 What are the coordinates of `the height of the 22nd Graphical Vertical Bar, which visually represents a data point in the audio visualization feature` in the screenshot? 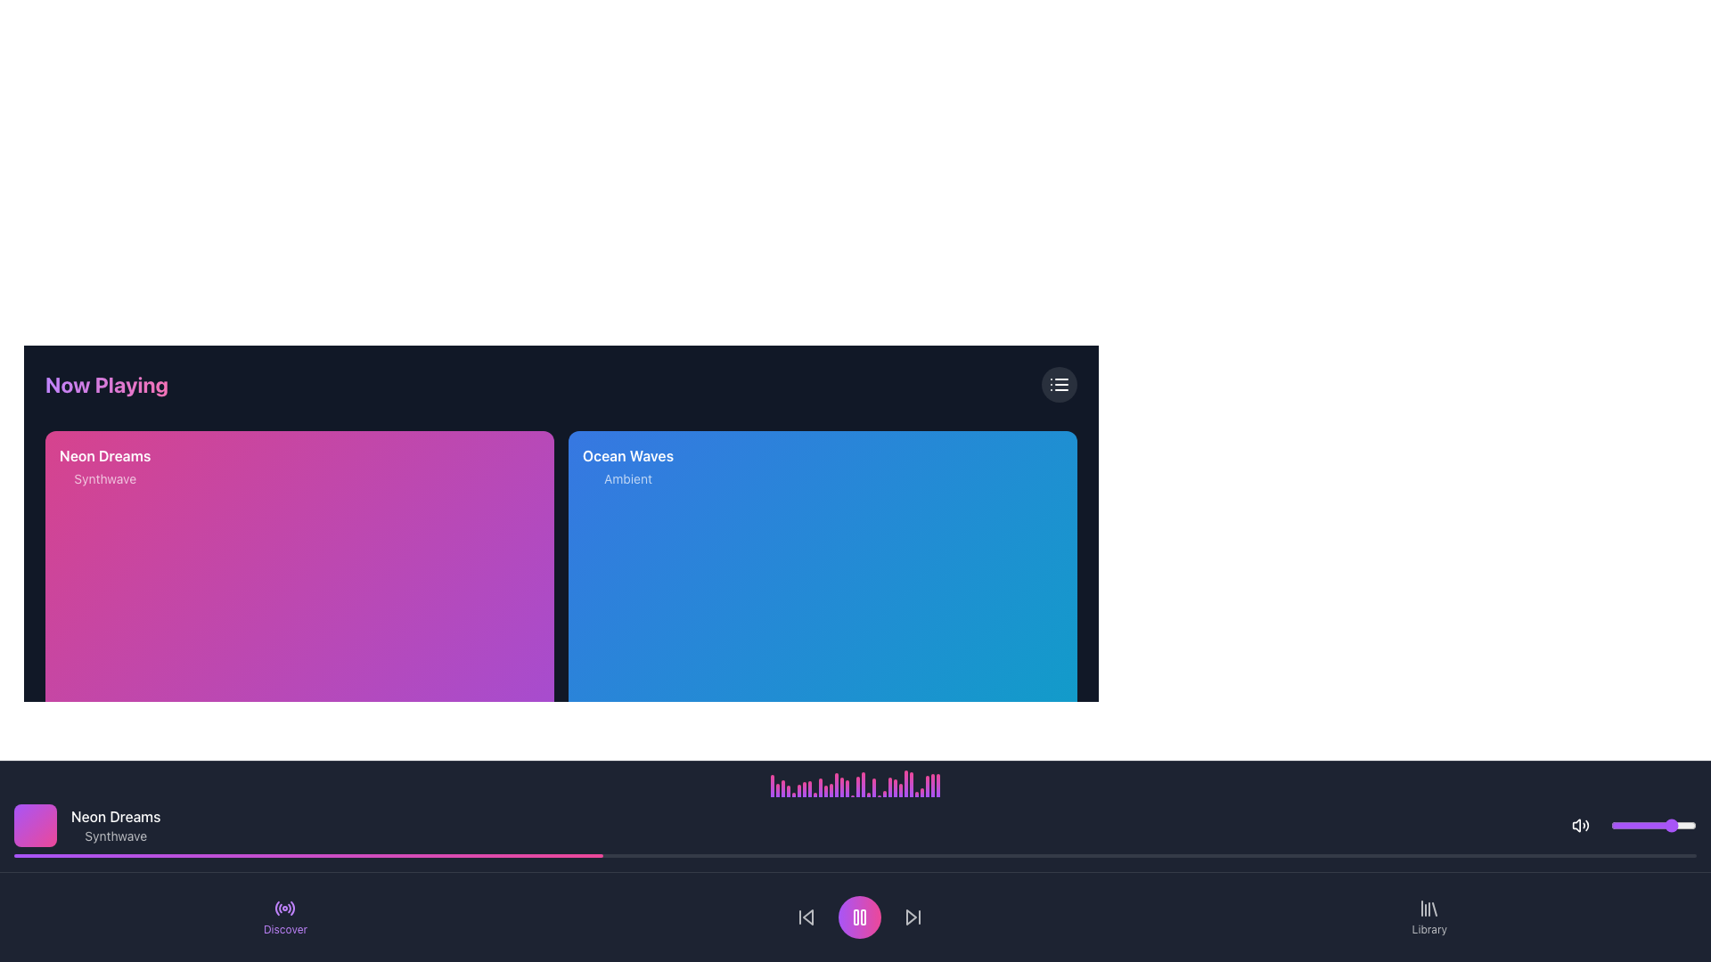 It's located at (880, 789).